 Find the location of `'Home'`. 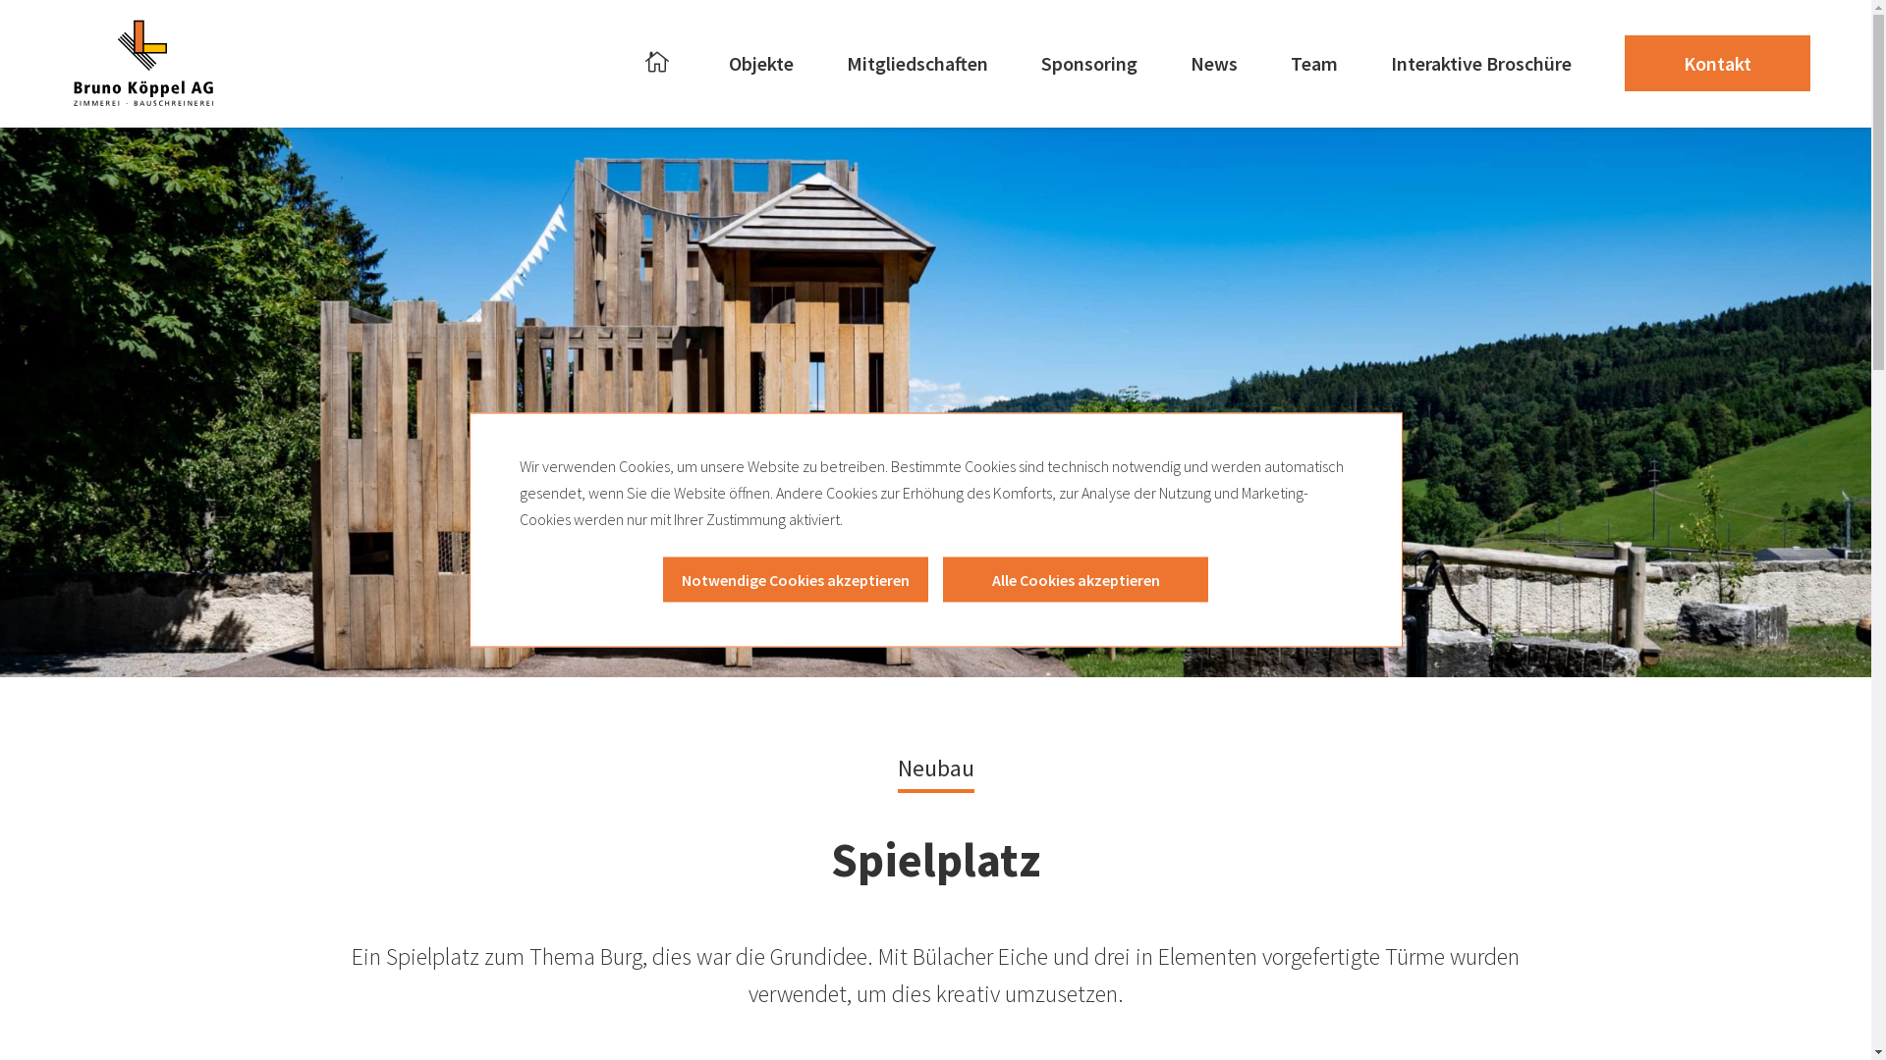

'Home' is located at coordinates (660, 63).